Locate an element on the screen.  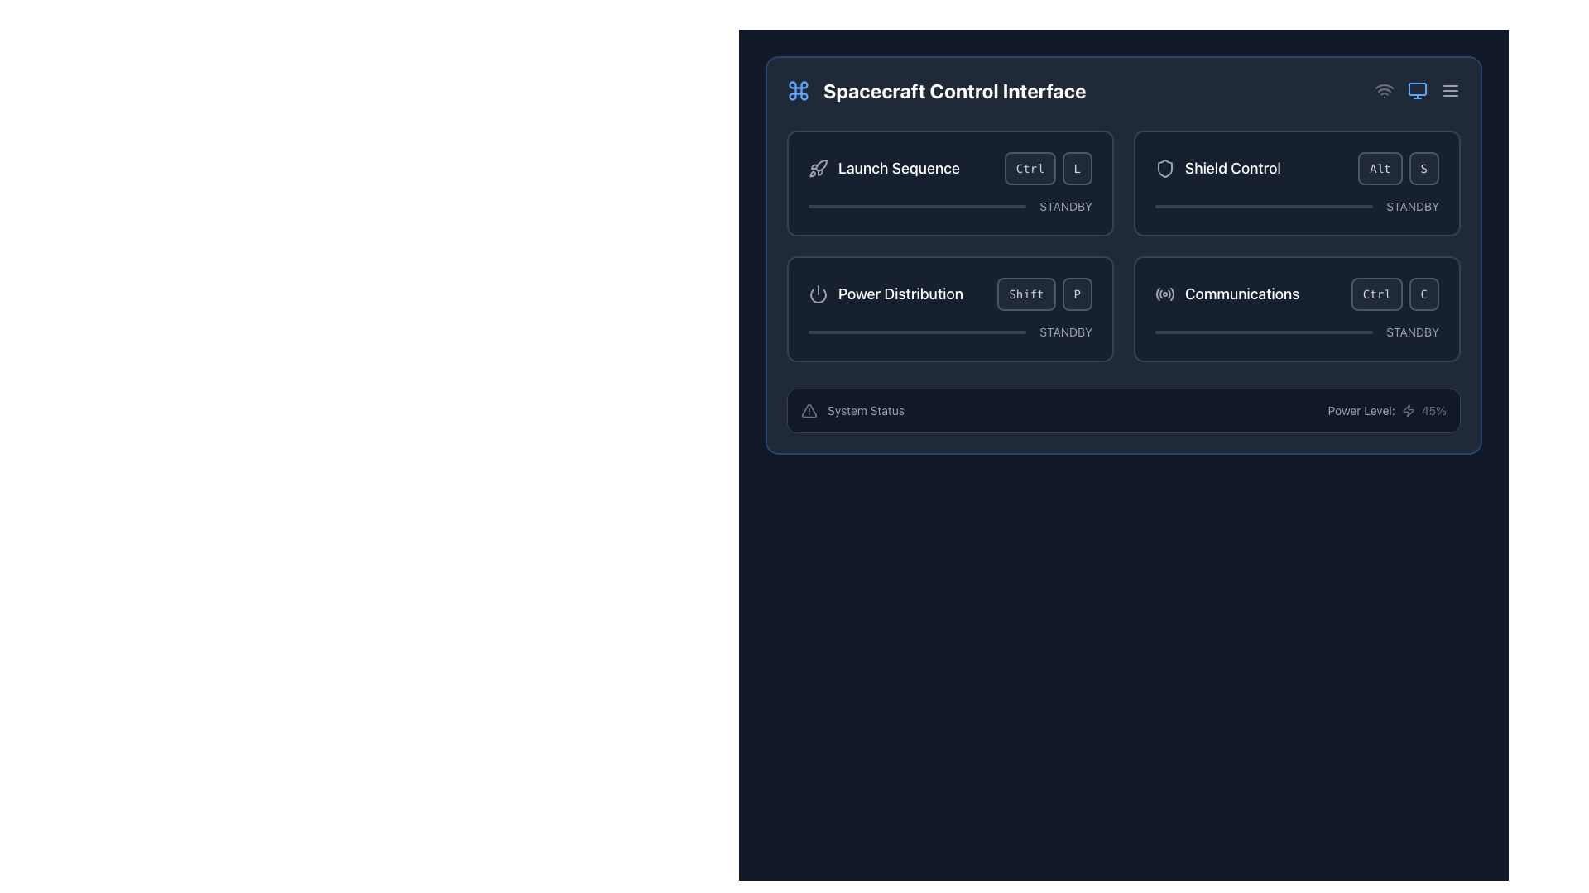
the interactive button representing the 'Power Distribution' functionality, located next to the text 'P' within the 'Power Distribution' box is located at coordinates (1044, 293).